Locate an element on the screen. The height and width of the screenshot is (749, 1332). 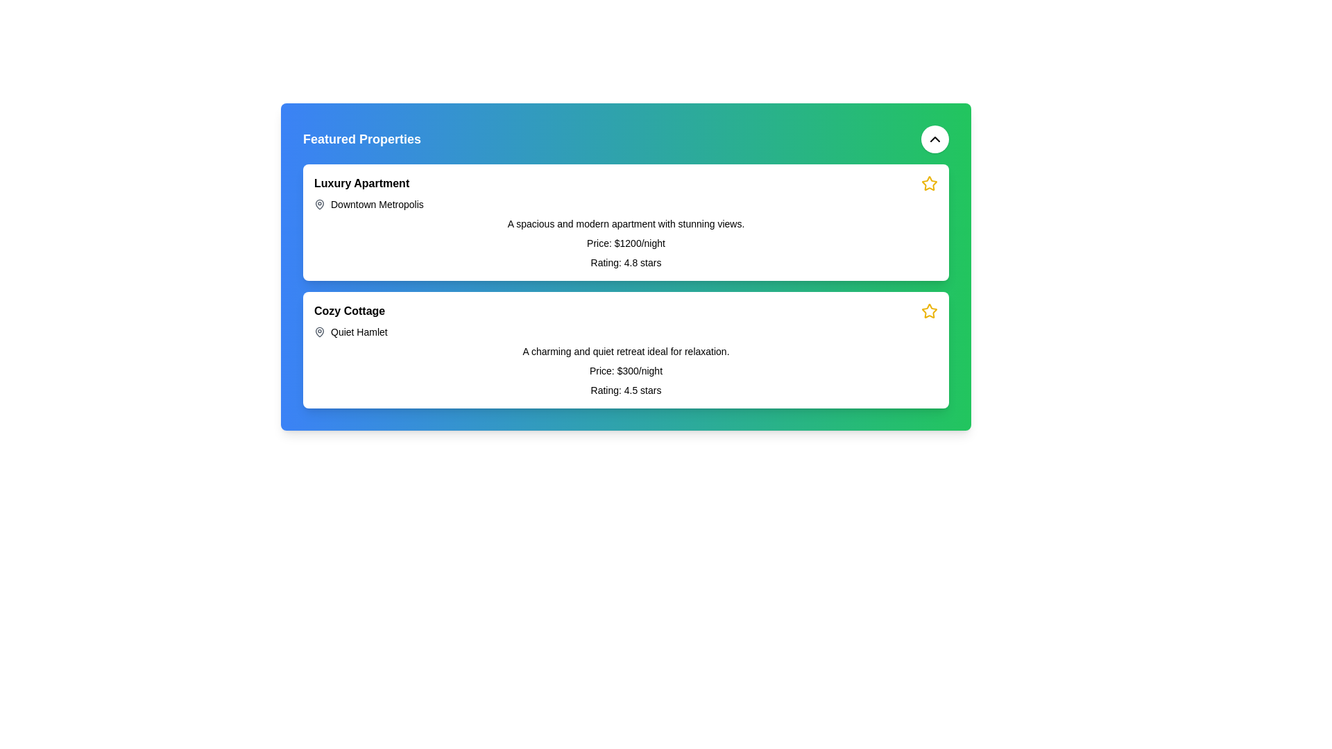
the star-shaped icon located in the top-right corner of the 'Cozy Cottage' listing card to mark it as a favorite is located at coordinates (929, 310).